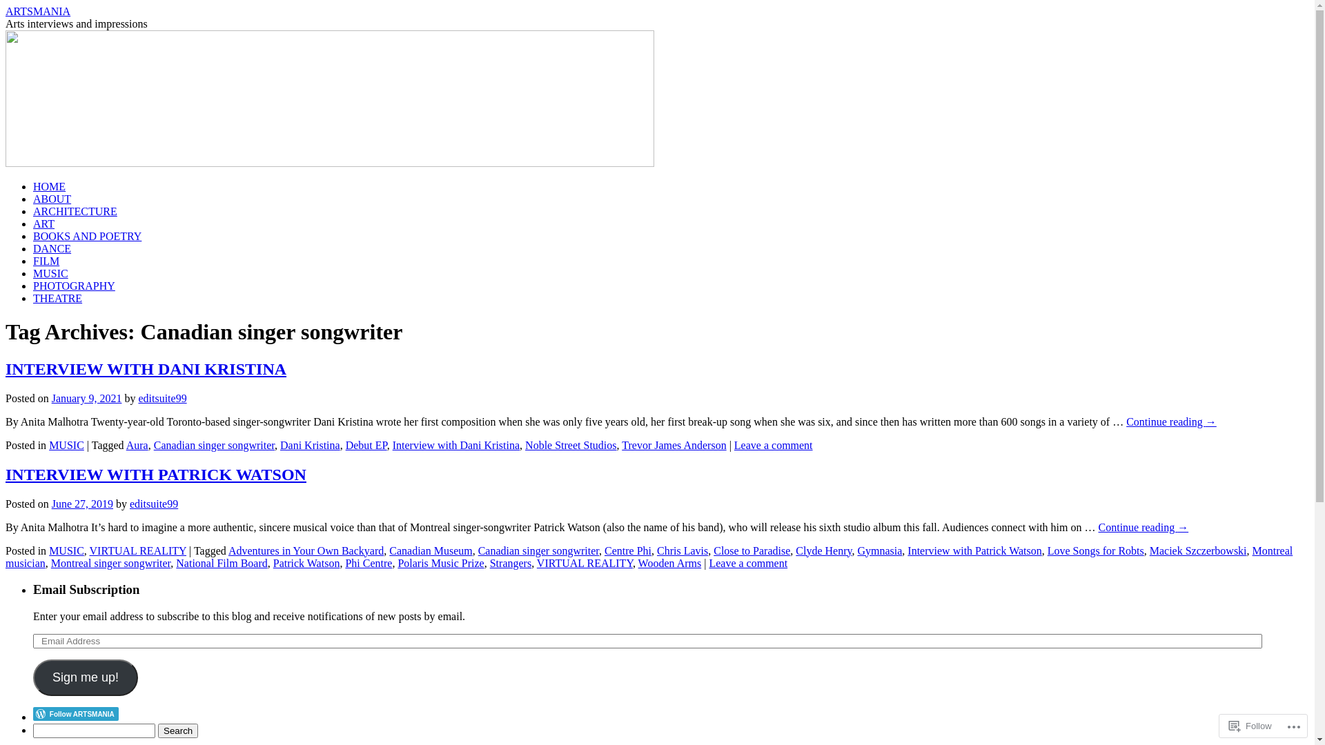 The height and width of the screenshot is (745, 1325). Describe the element at coordinates (305, 550) in the screenshot. I see `'Adventures in Your Own Backyard'` at that location.